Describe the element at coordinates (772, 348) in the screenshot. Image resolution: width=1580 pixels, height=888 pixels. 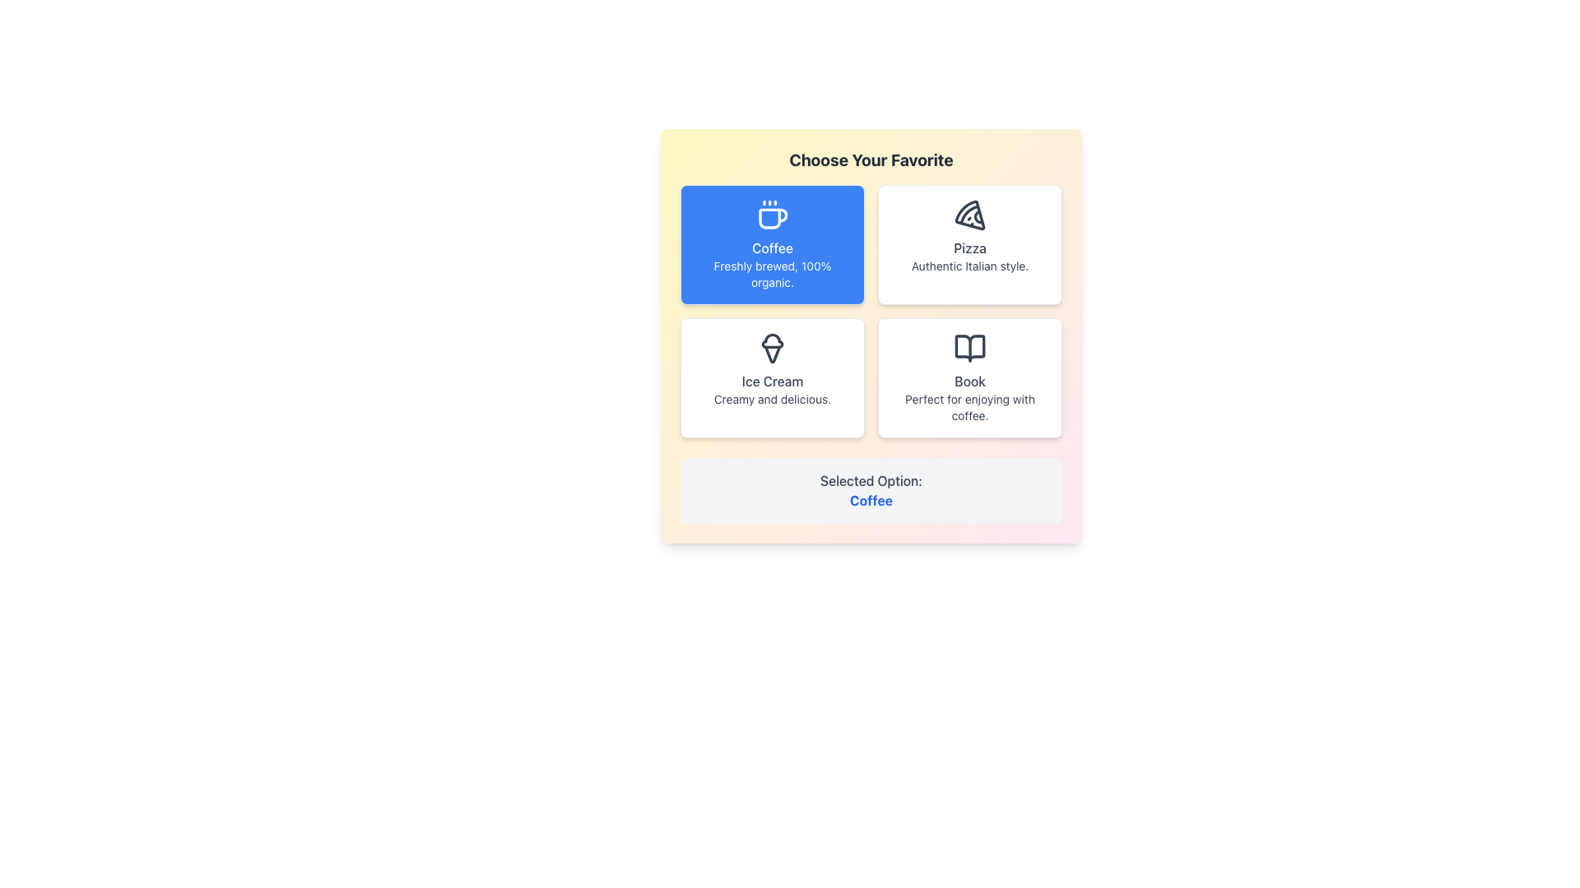
I see `the decorative icon for the 'Ice Cream' option located in the lower-left portion of the grid layout, above the text 'Ice Cream' and 'Creamy and delicious'` at that location.